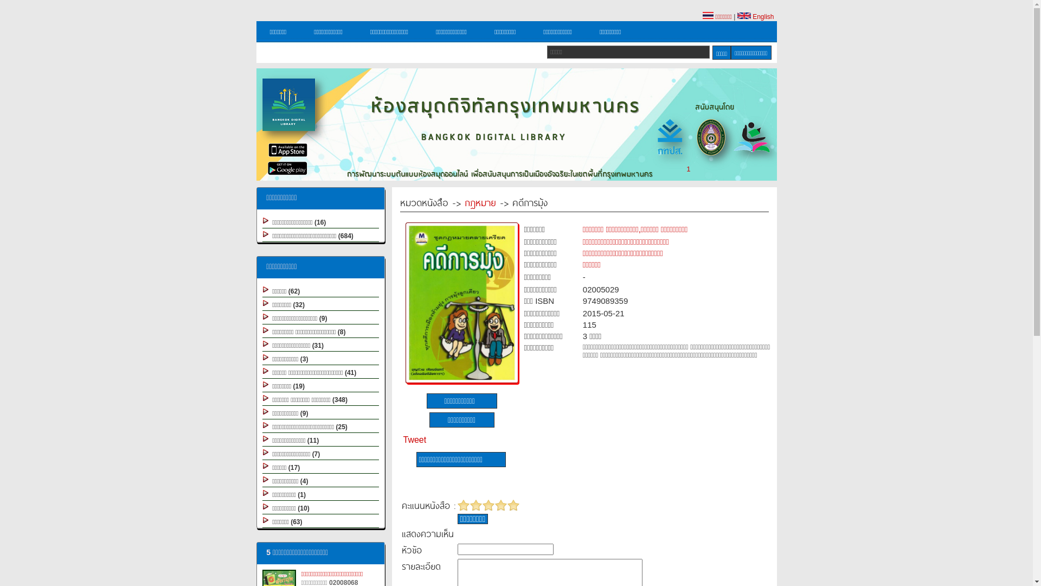  Describe the element at coordinates (628, 52) in the screenshot. I see `'keyword'` at that location.